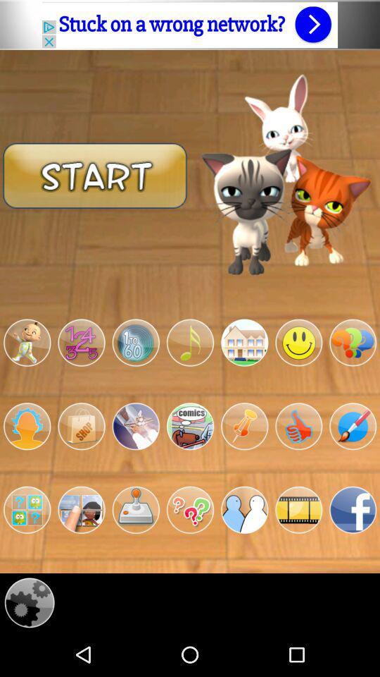 This screenshot has width=380, height=677. I want to click on the 3rd circular image below the start button on the web page, so click(136, 342).